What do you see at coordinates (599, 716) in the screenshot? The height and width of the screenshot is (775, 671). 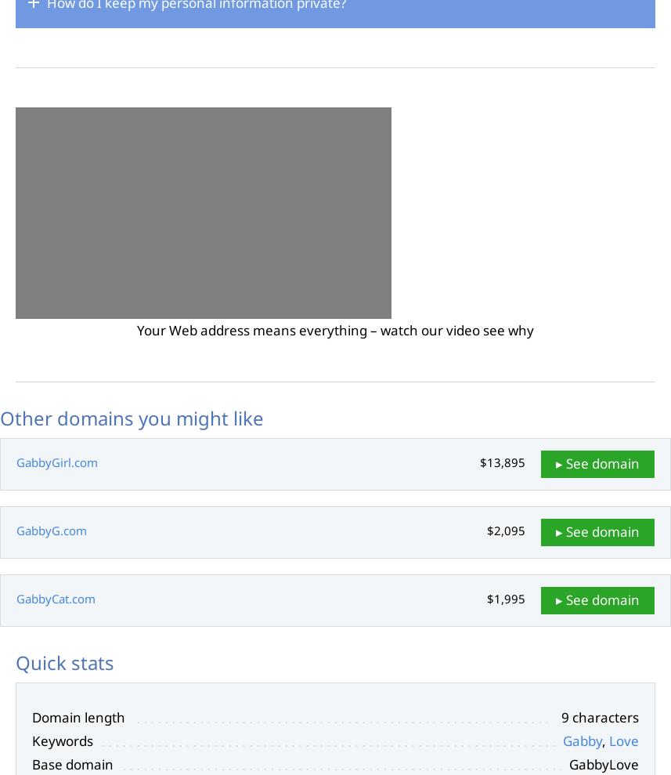 I see `'9 characters'` at bounding box center [599, 716].